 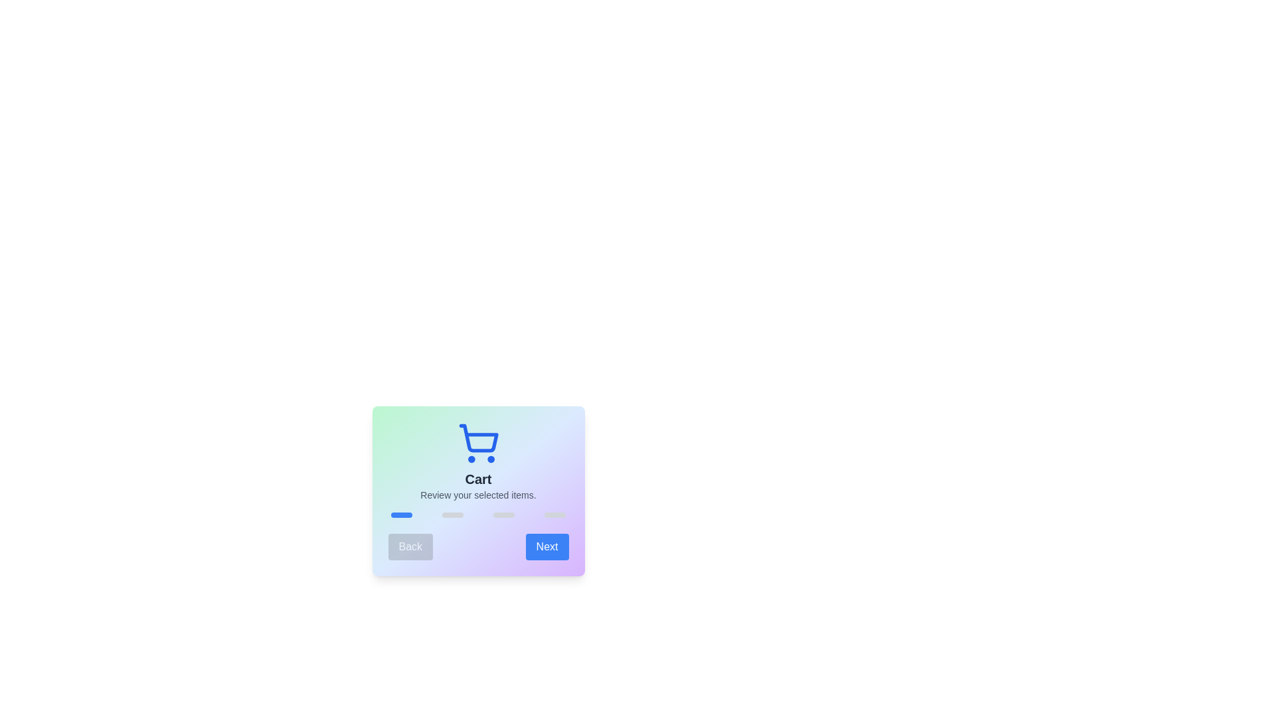 I want to click on the 'Next' button to proceed to the next step, so click(x=547, y=547).